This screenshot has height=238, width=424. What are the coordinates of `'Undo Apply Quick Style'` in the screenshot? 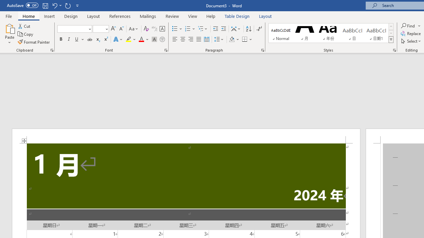 It's located at (54, 5).